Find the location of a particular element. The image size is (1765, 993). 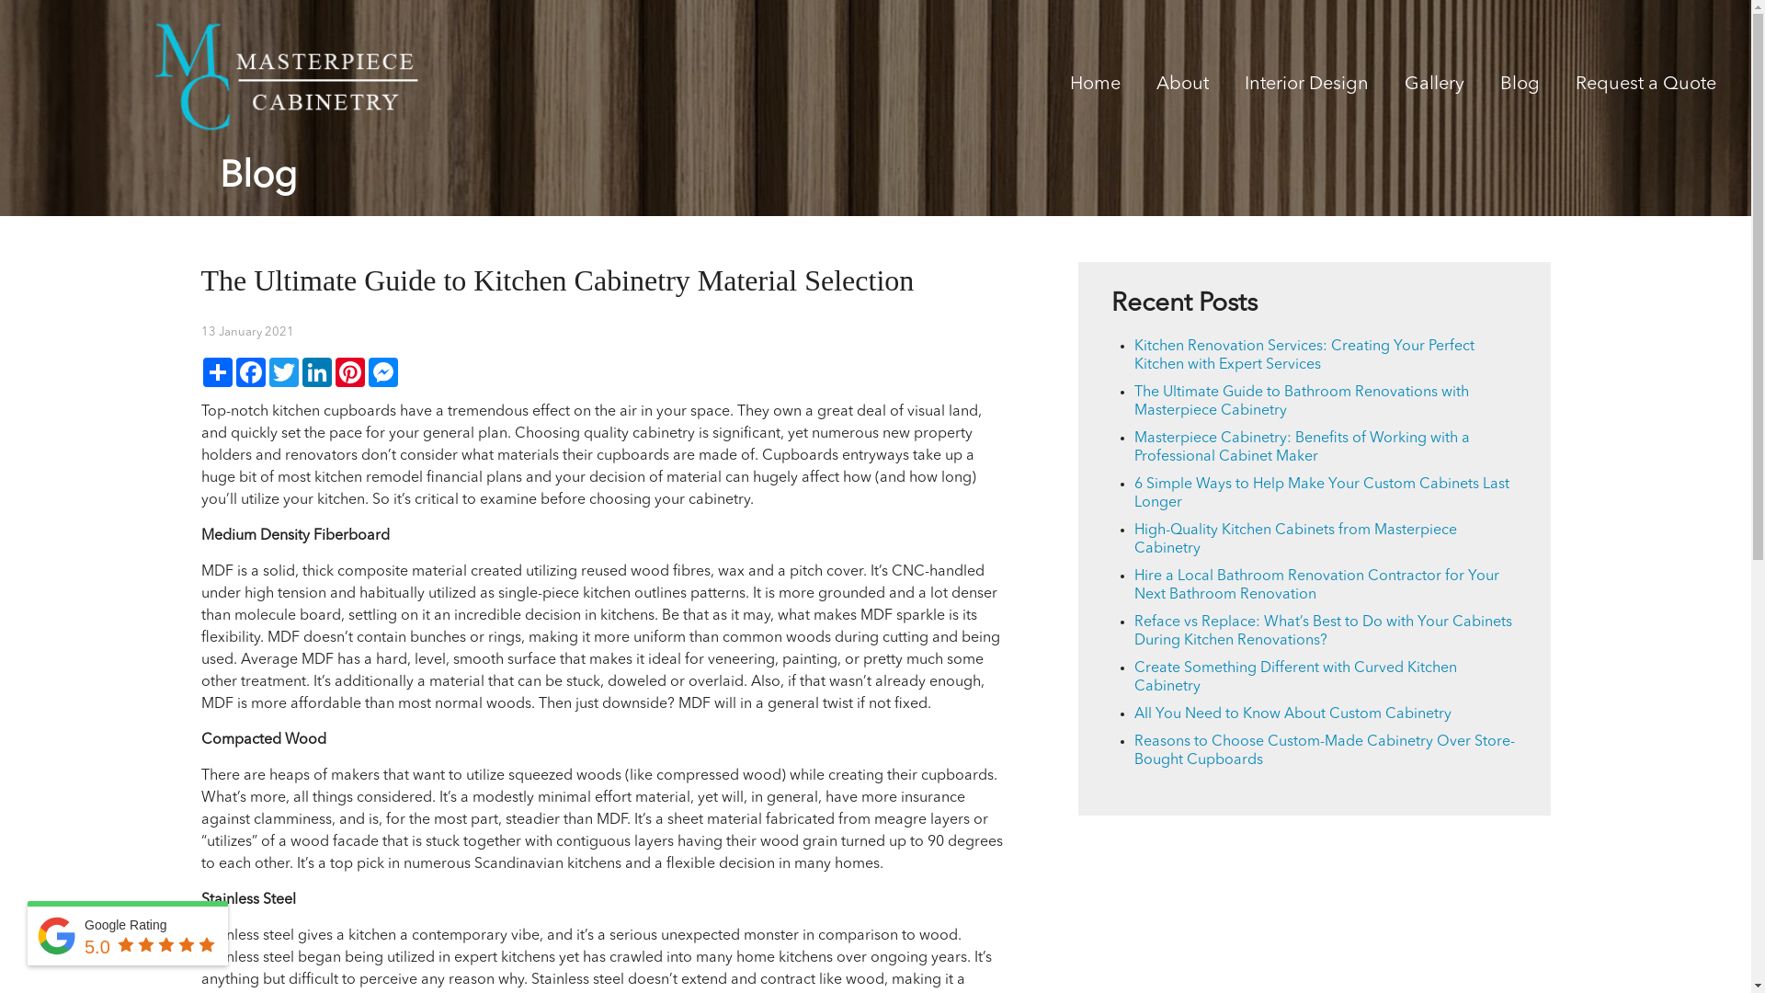

'High-Quality Kitchen Cabinets from Masterpiece Cabinetry' is located at coordinates (1294, 538).